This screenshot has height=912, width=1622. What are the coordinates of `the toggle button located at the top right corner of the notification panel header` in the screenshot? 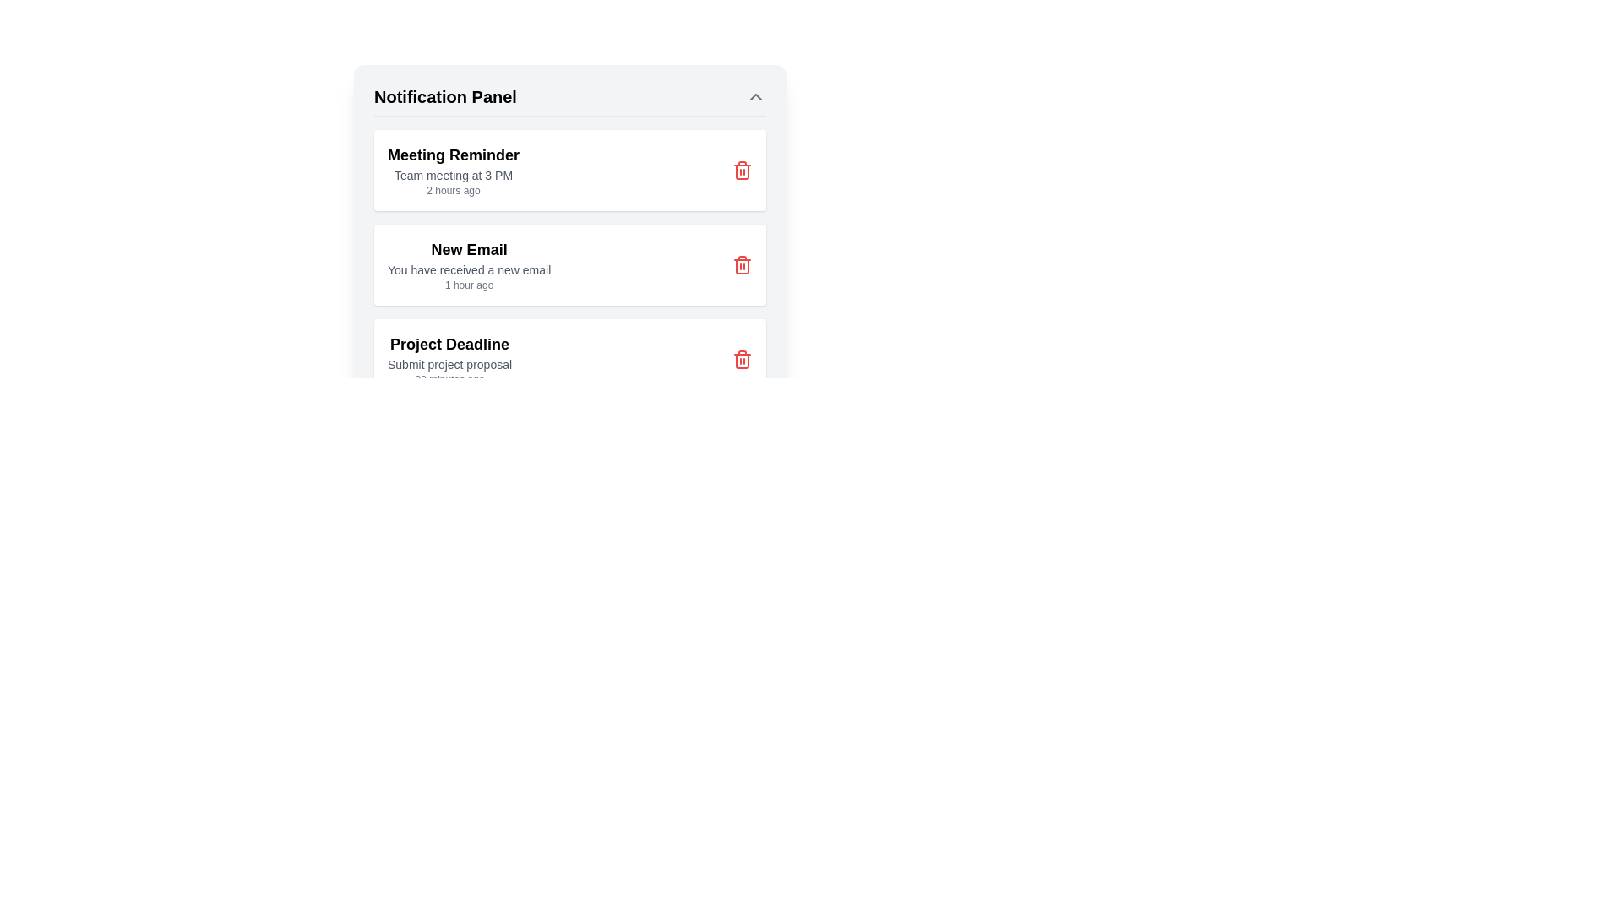 It's located at (754, 97).